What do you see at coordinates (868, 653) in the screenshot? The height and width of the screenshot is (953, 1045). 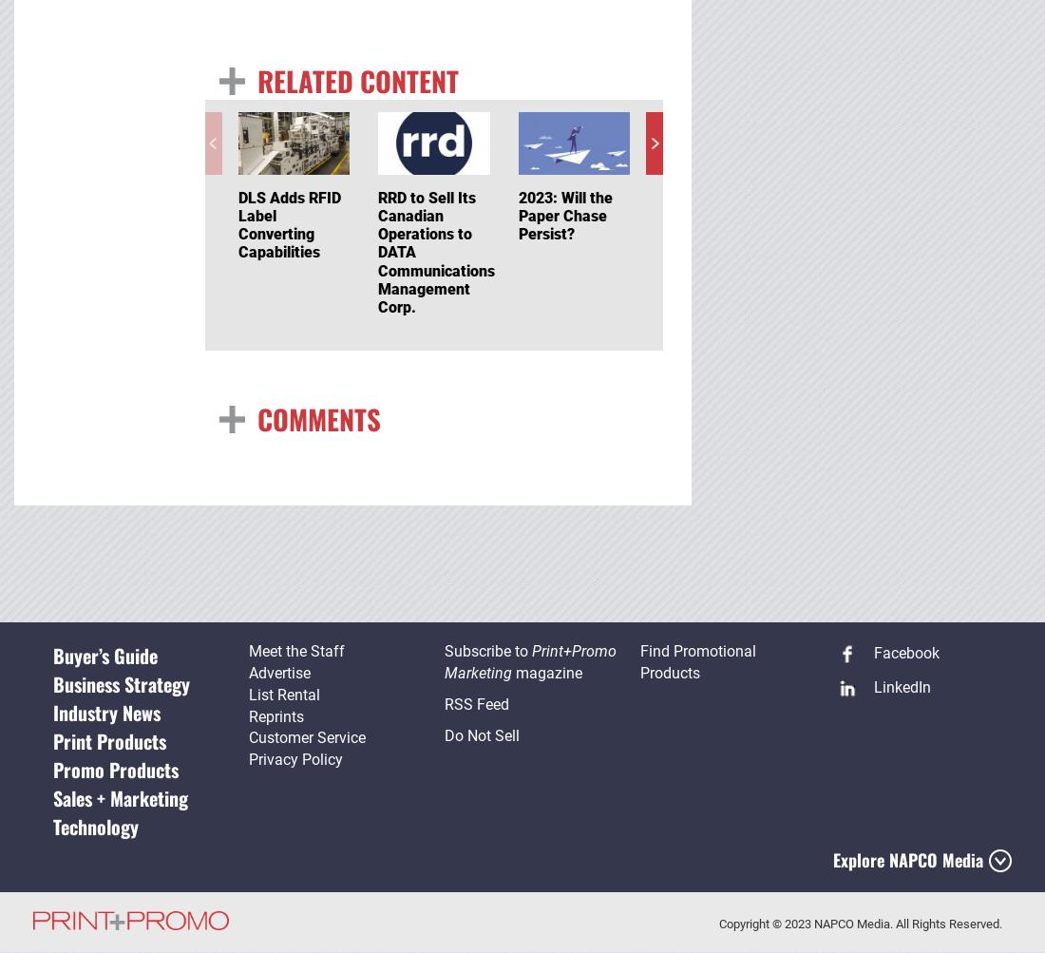 I see `'Facebook'` at bounding box center [868, 653].